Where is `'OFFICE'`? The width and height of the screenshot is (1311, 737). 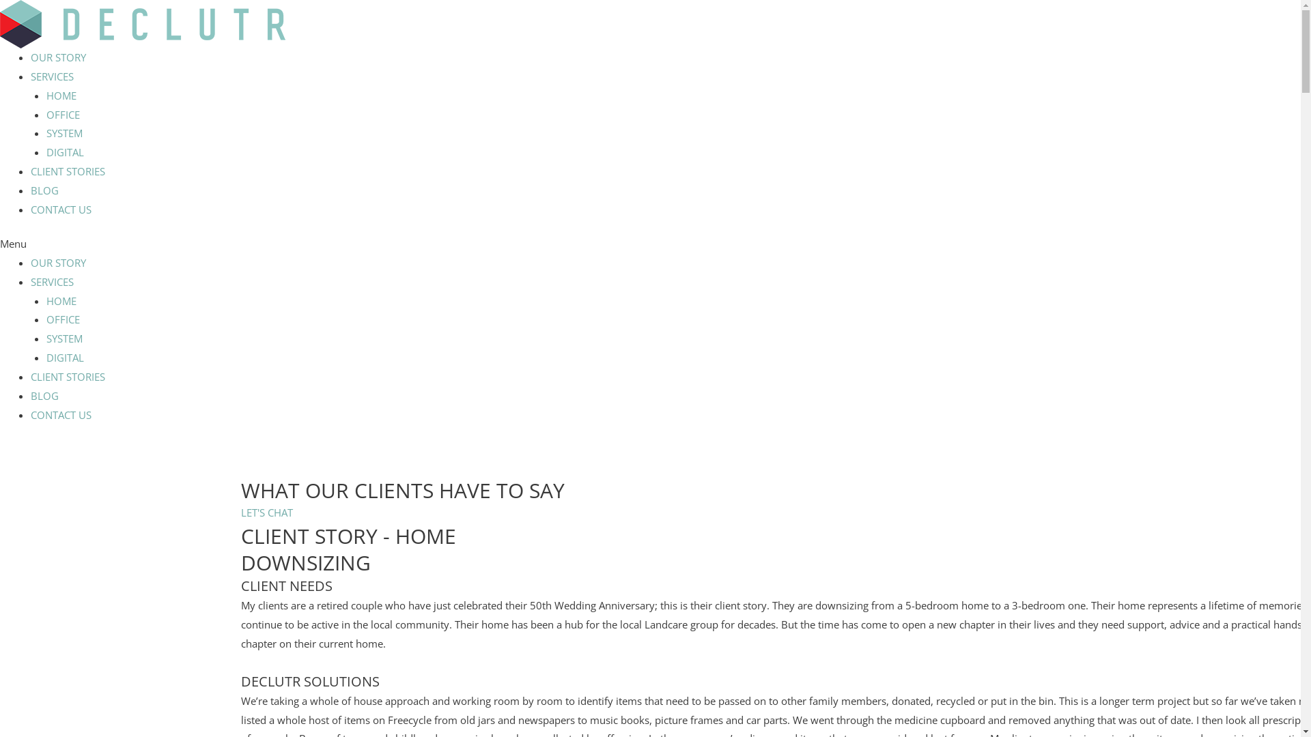
'OFFICE' is located at coordinates (62, 114).